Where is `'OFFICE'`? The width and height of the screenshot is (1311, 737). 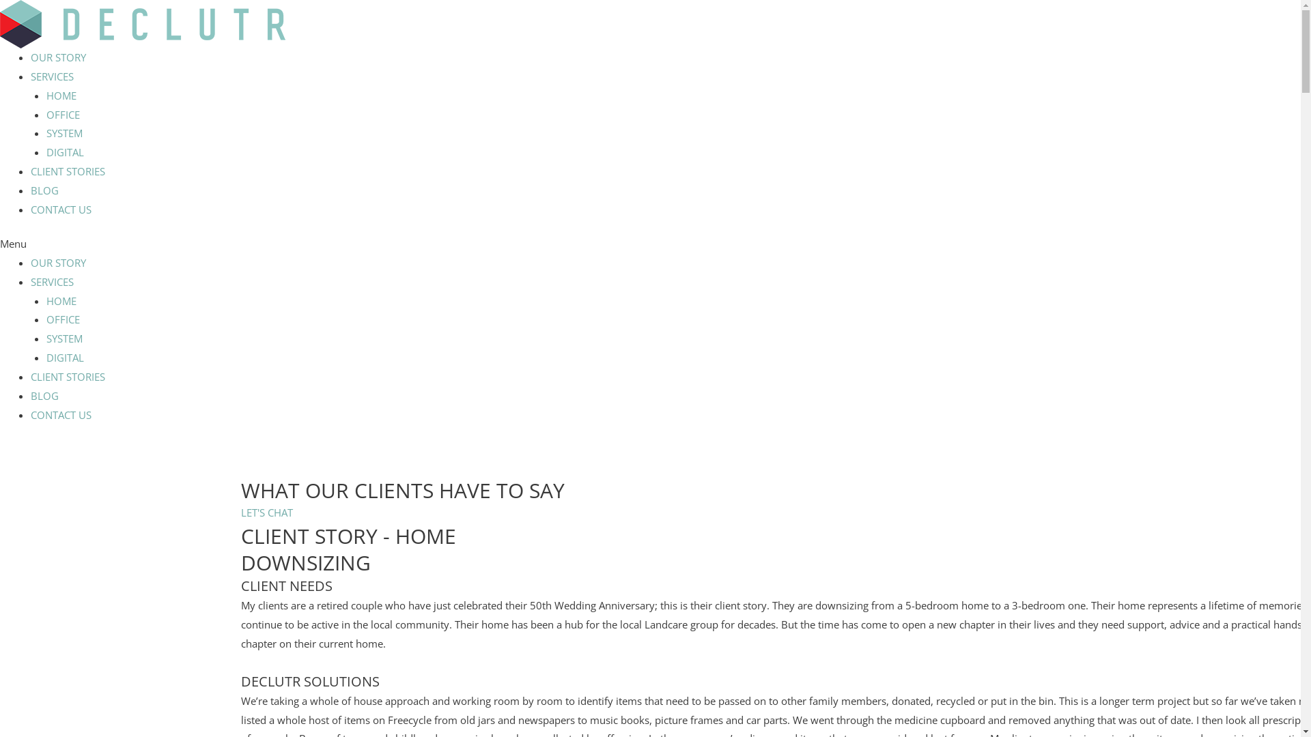
'OFFICE' is located at coordinates (62, 114).